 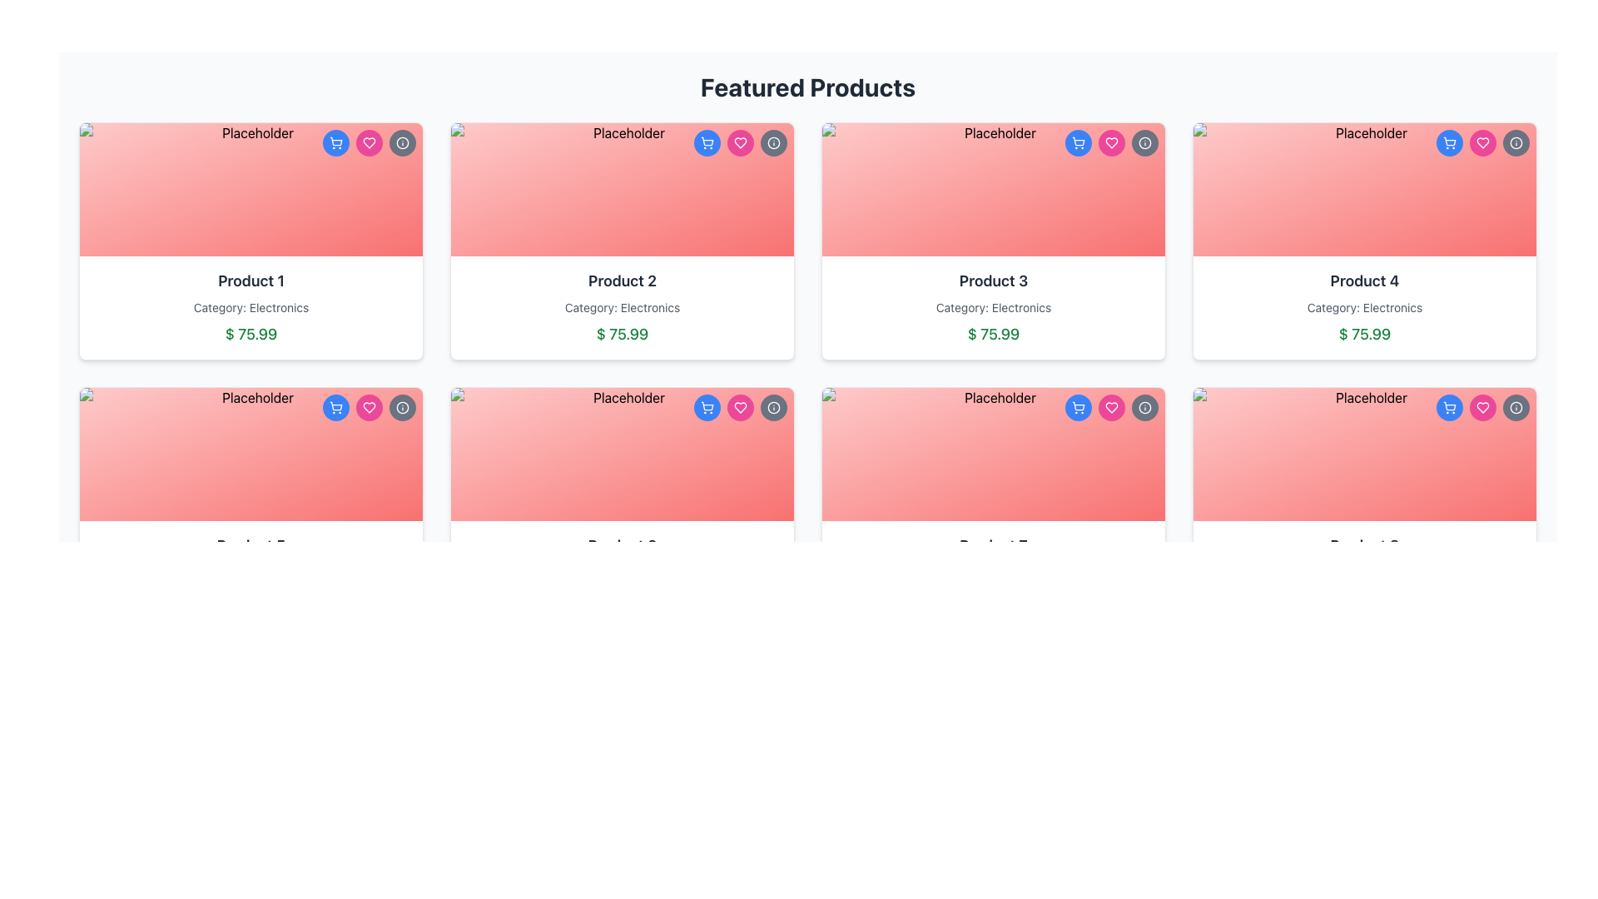 I want to click on the circular blue button with a shopping cart icon located at the top-right corner of the product card for 'Product 4', so click(x=1449, y=142).